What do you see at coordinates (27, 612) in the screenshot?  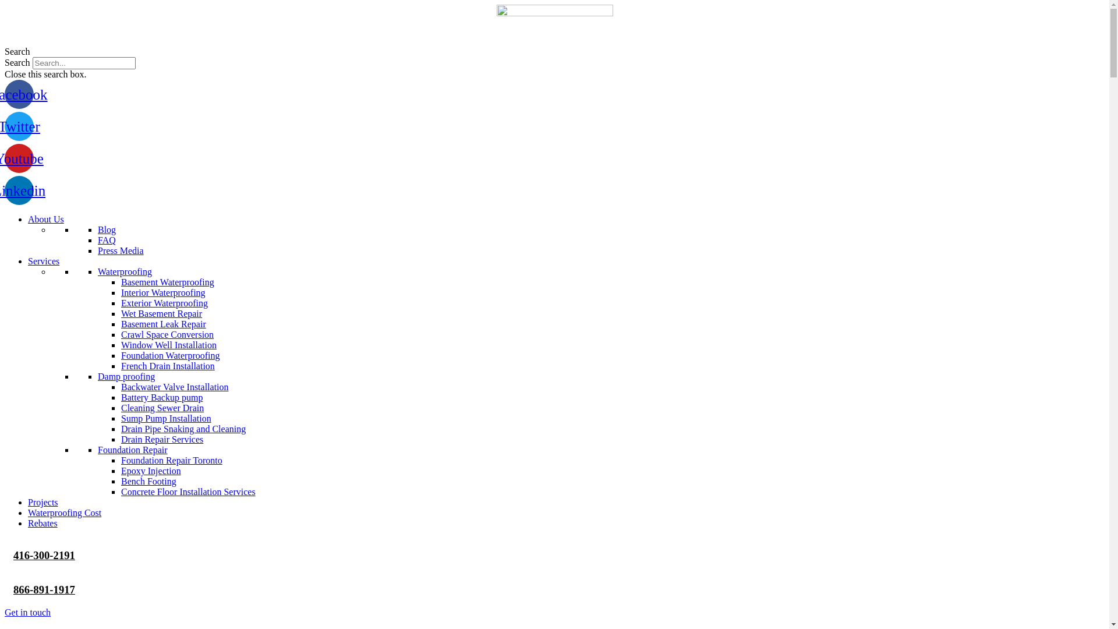 I see `'Get in touch'` at bounding box center [27, 612].